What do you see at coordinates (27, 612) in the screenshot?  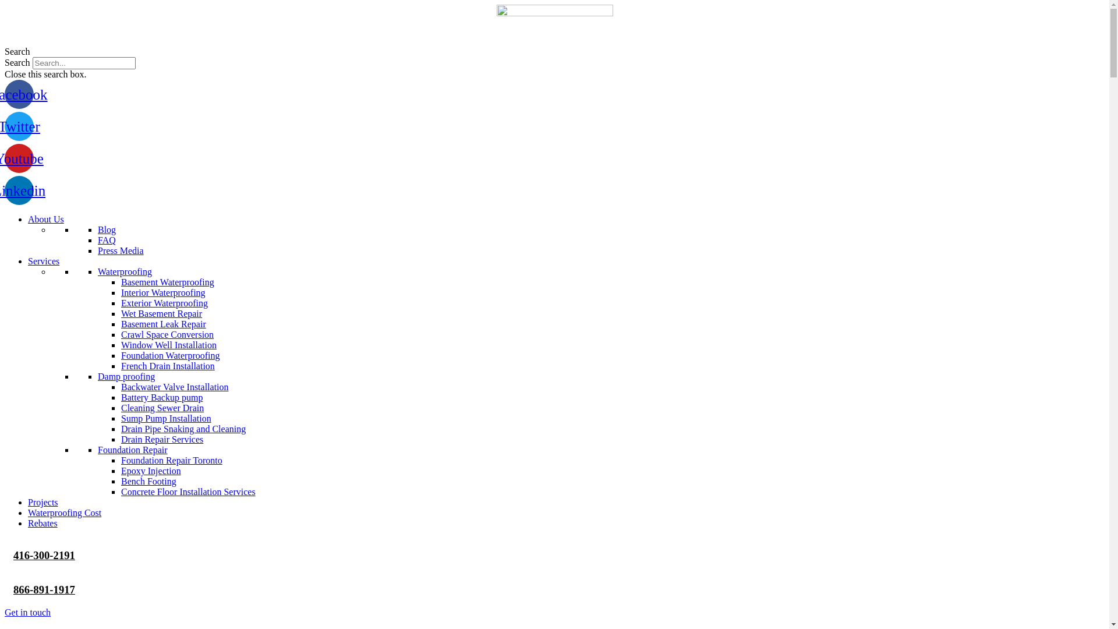 I see `'Get in touch'` at bounding box center [27, 612].